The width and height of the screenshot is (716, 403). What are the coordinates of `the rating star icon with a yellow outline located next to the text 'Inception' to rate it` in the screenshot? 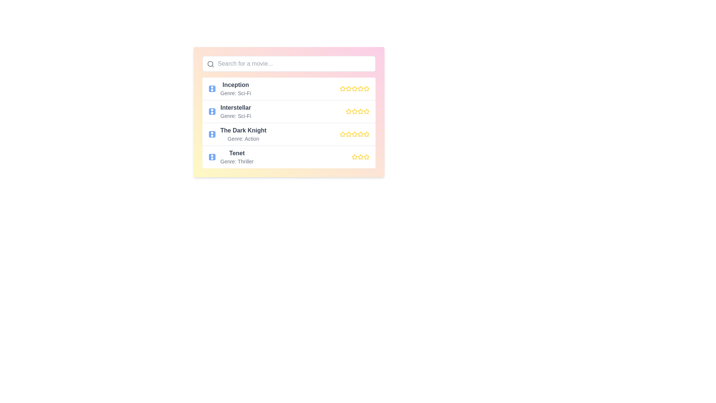 It's located at (342, 88).